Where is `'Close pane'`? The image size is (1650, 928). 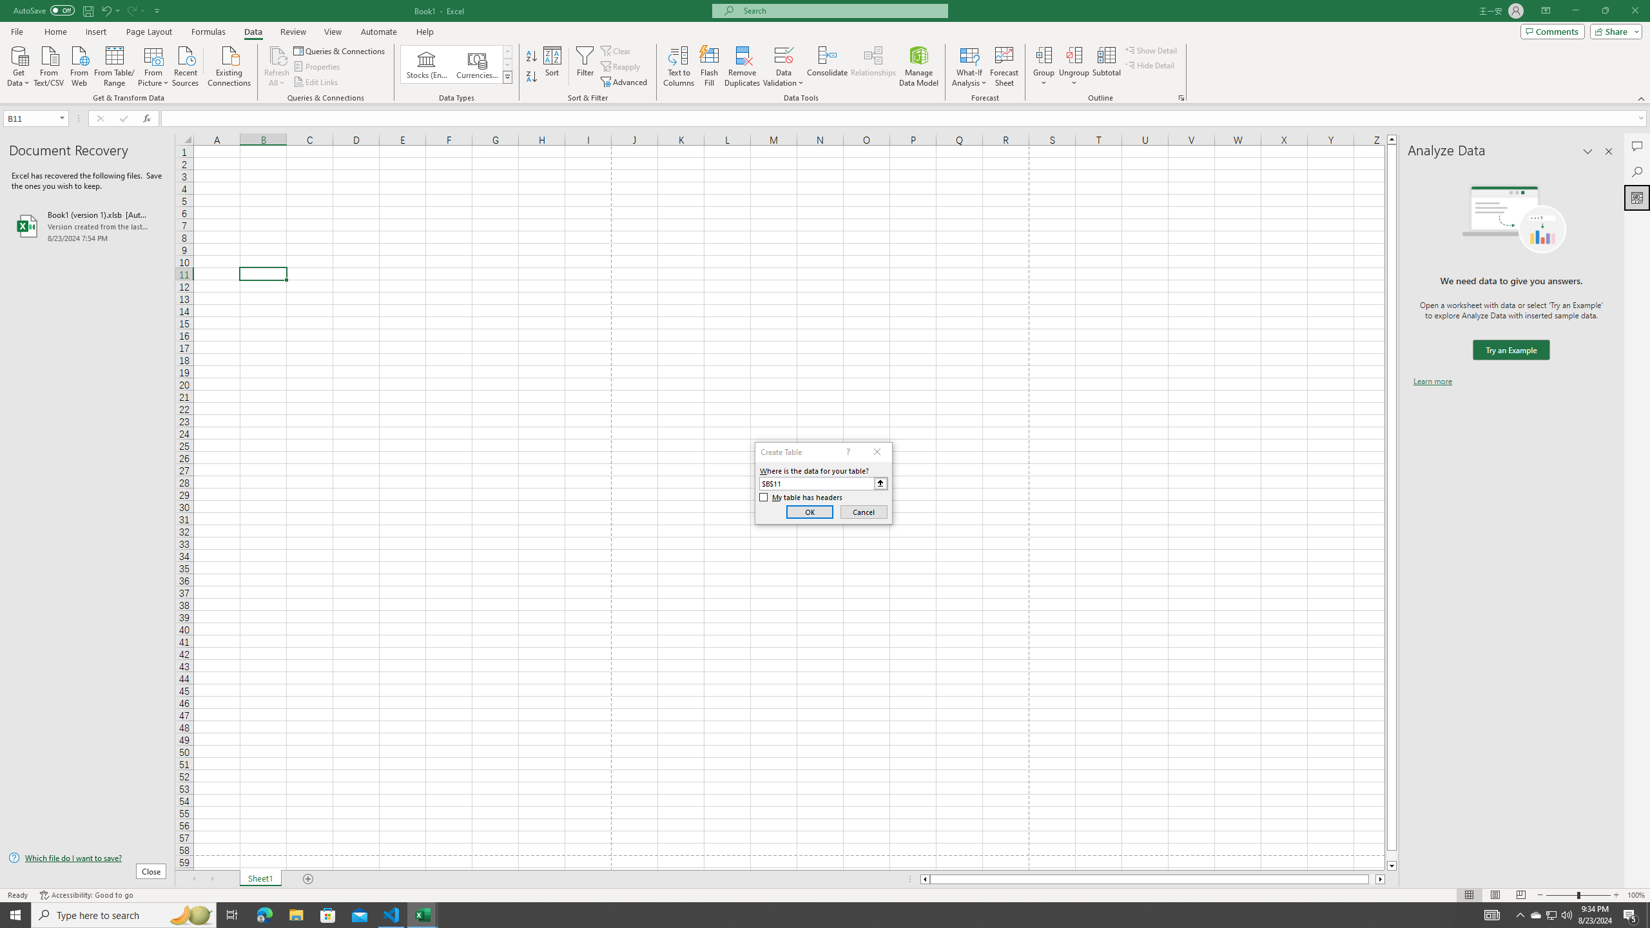
'Close pane' is located at coordinates (1608, 151).